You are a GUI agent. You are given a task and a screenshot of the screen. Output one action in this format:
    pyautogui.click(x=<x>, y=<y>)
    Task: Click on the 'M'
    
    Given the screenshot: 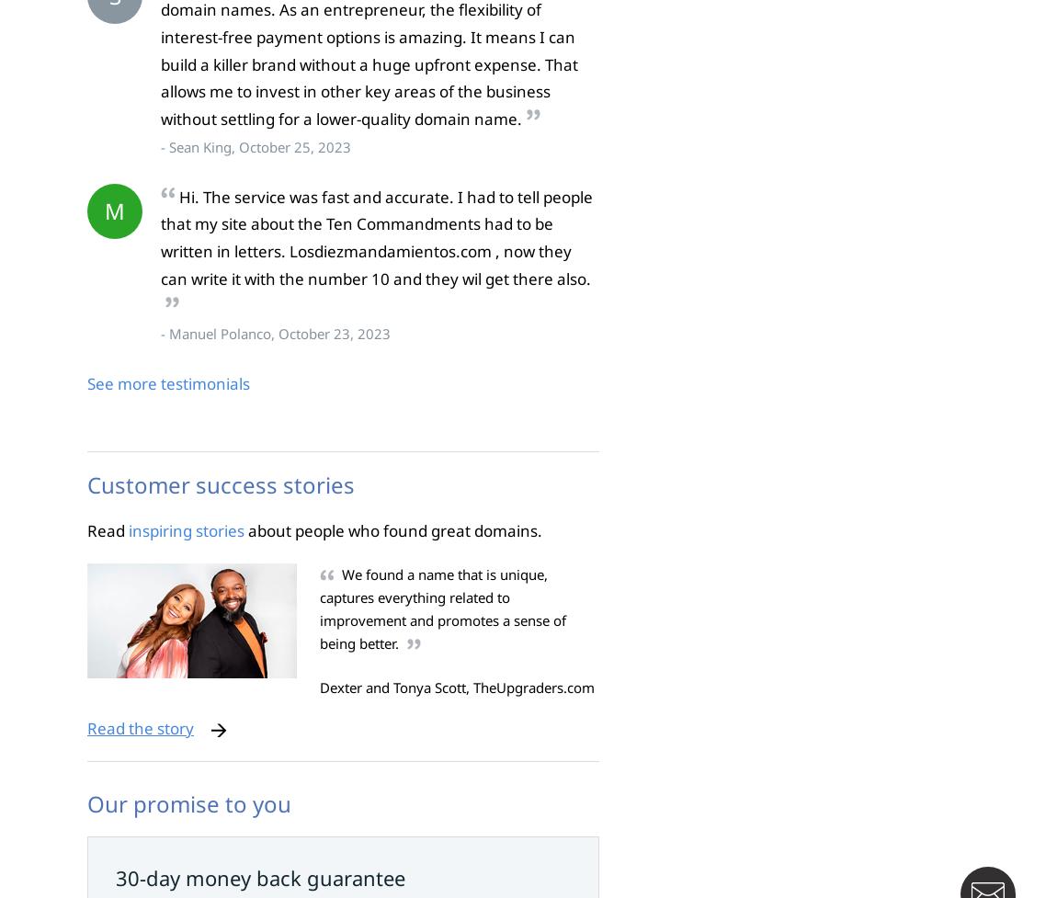 What is the action you would take?
    pyautogui.click(x=114, y=209)
    